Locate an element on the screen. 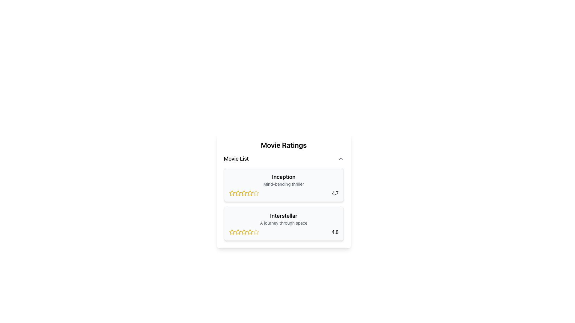 This screenshot has width=575, height=323. five-star rating component for details, which is located within the 'Interstellar' card beneath the description text 'A journey through space' is located at coordinates (283, 231).